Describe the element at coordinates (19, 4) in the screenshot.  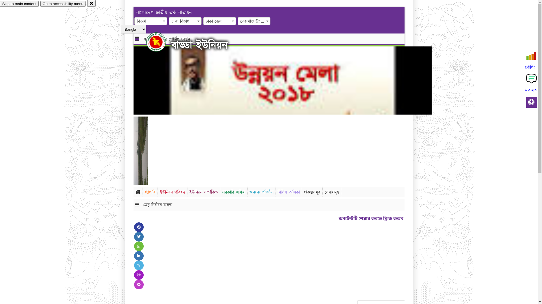
I see `'Skip to main content'` at that location.